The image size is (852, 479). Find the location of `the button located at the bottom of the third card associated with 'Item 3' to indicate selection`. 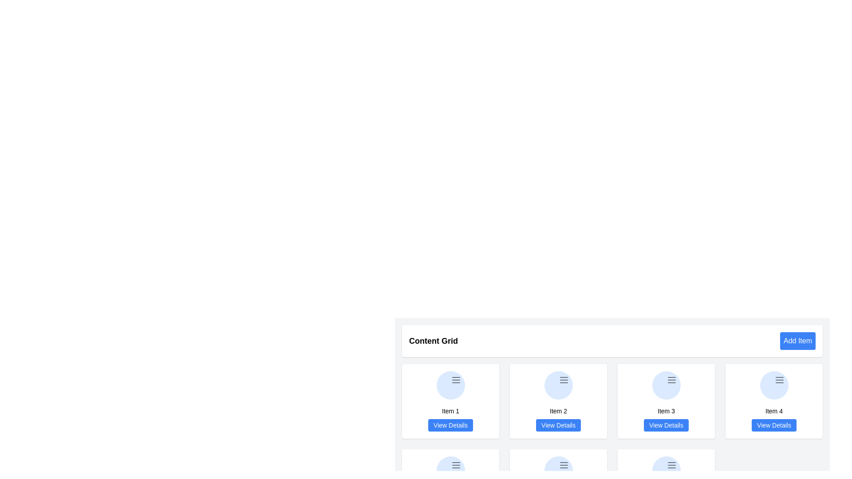

the button located at the bottom of the third card associated with 'Item 3' to indicate selection is located at coordinates (666, 425).